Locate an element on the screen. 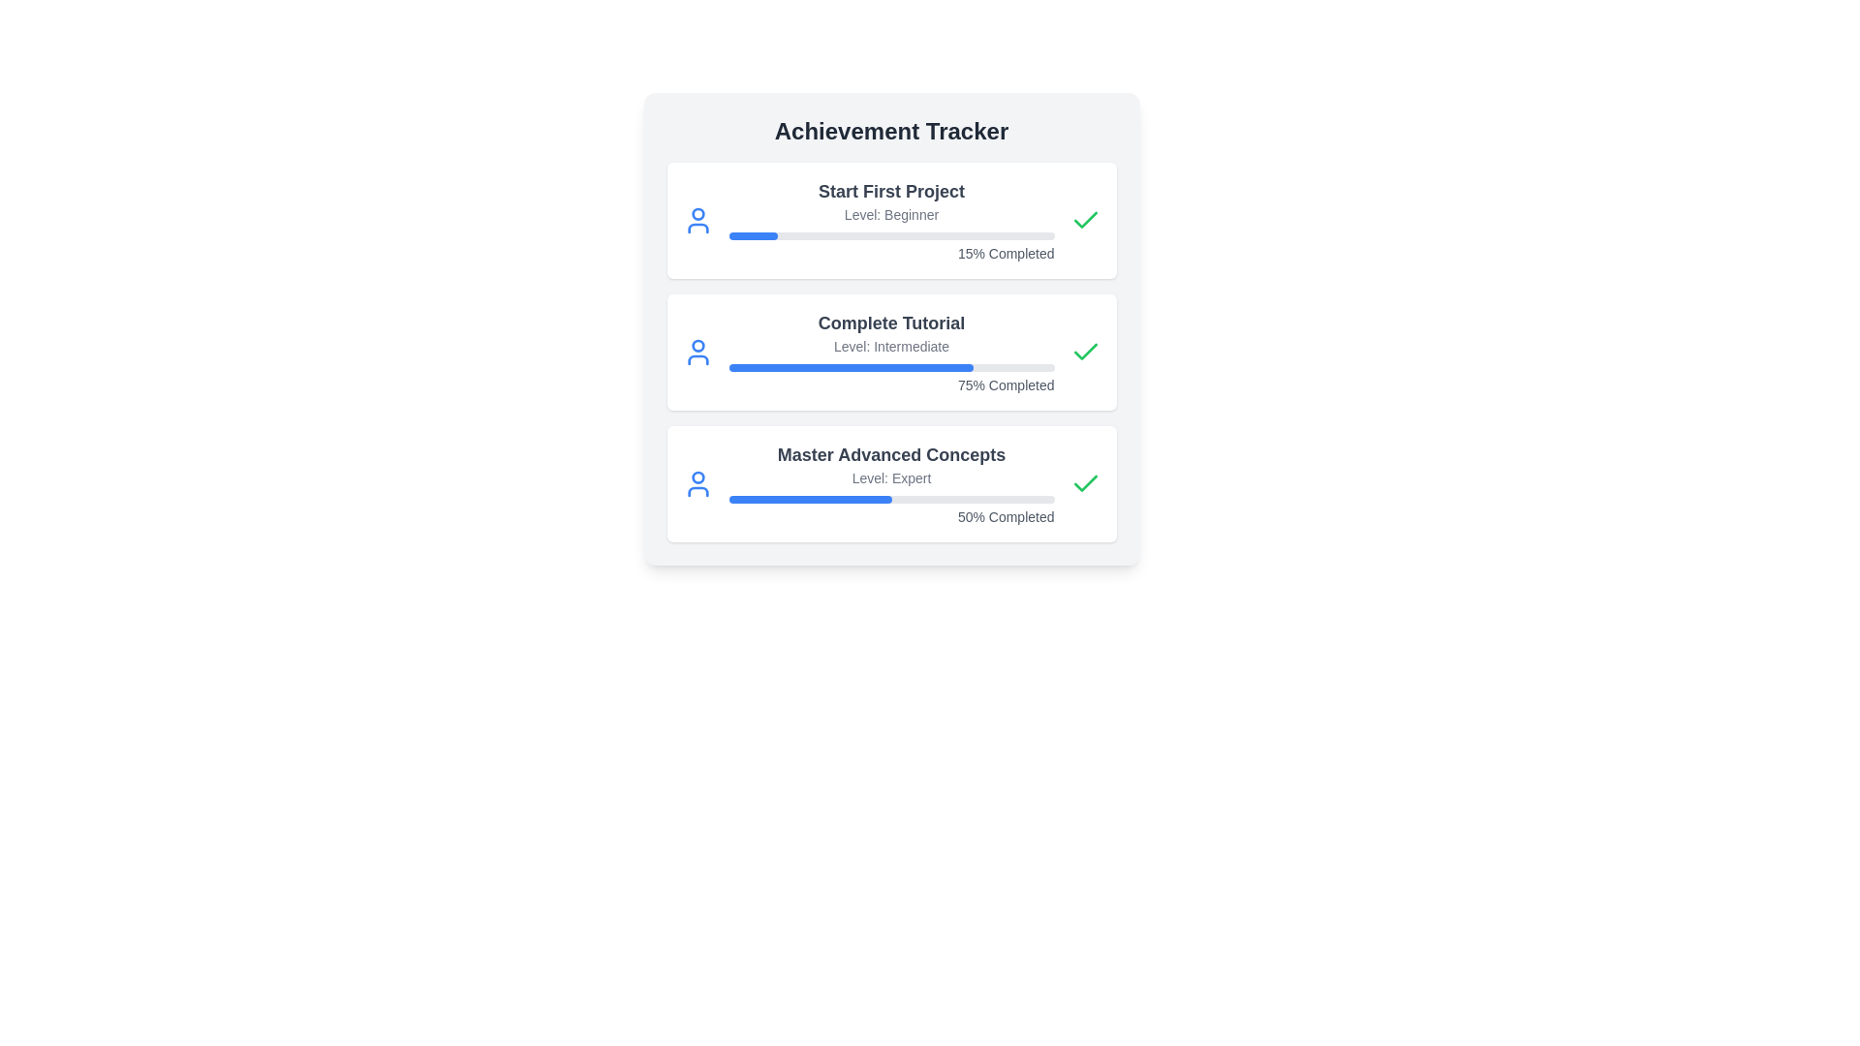  the icon representing the 'Master Advanced Concepts' achievement located at the top-left corner of the card, beside the text and above the progress bar for visual information is located at coordinates (697, 483).